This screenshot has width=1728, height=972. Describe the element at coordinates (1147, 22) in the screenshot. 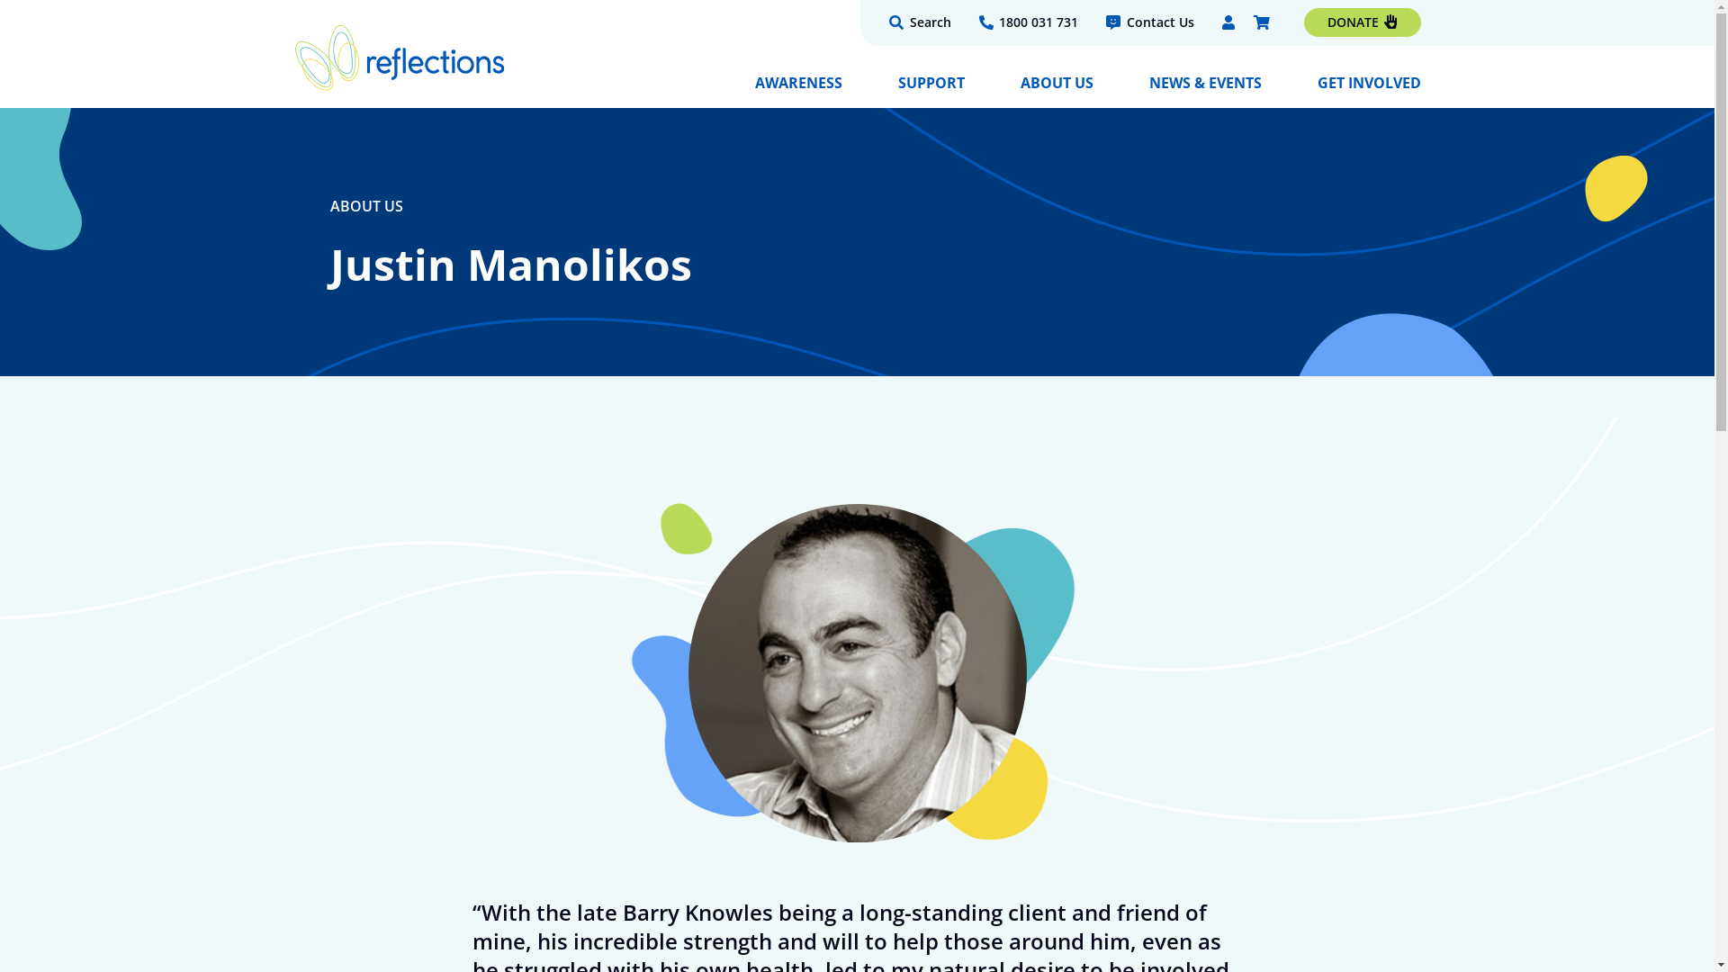

I see `'Contact Us'` at that location.